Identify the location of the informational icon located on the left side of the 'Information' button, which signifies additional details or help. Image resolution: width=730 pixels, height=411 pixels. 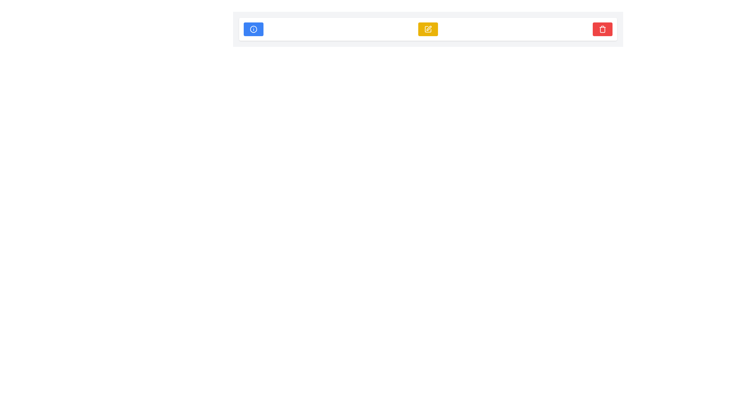
(254, 29).